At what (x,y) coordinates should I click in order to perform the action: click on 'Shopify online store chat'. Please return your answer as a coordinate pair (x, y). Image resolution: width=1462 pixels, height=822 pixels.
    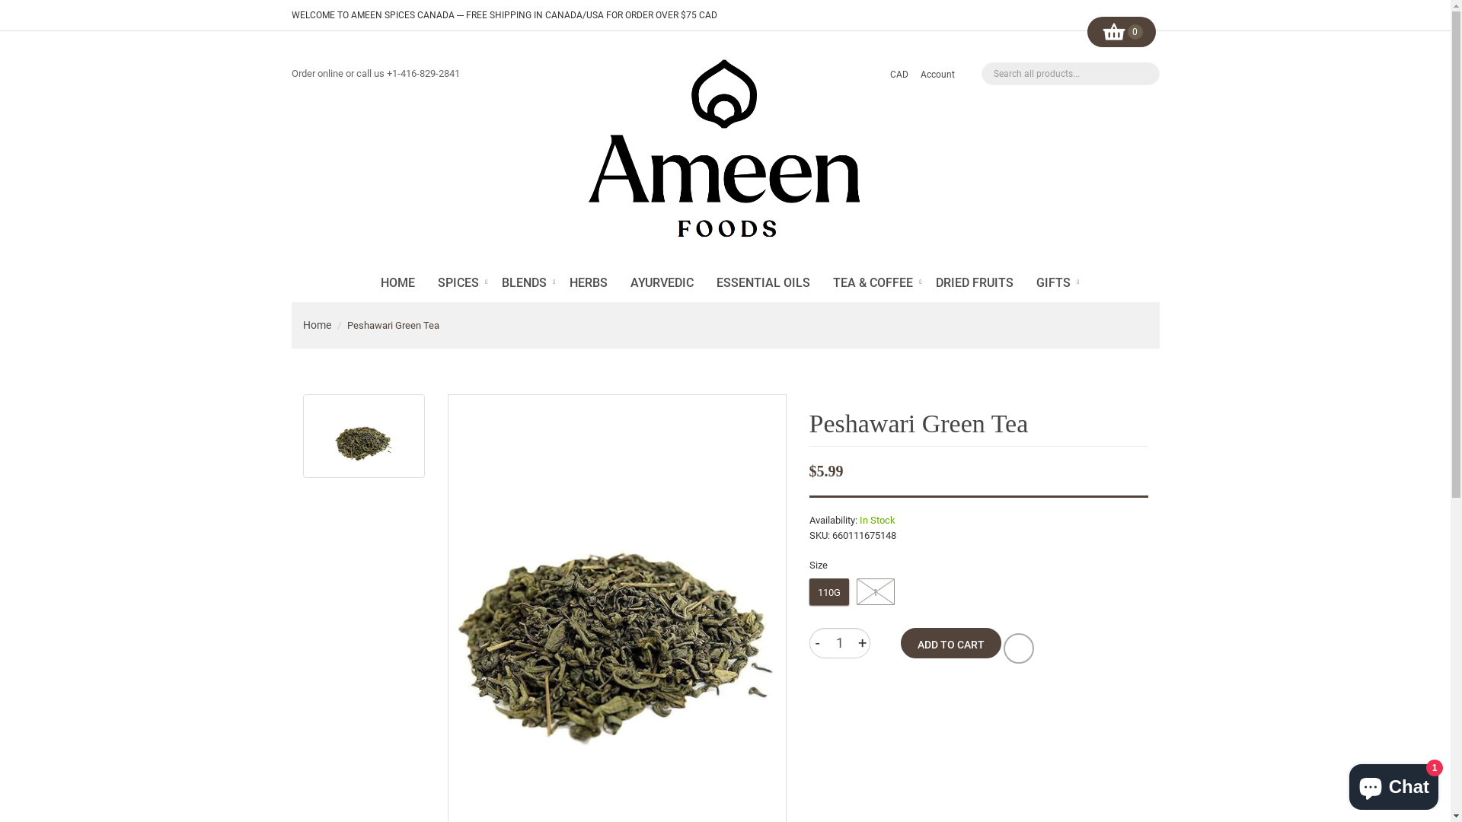
    Looking at the image, I should click on (1393, 783).